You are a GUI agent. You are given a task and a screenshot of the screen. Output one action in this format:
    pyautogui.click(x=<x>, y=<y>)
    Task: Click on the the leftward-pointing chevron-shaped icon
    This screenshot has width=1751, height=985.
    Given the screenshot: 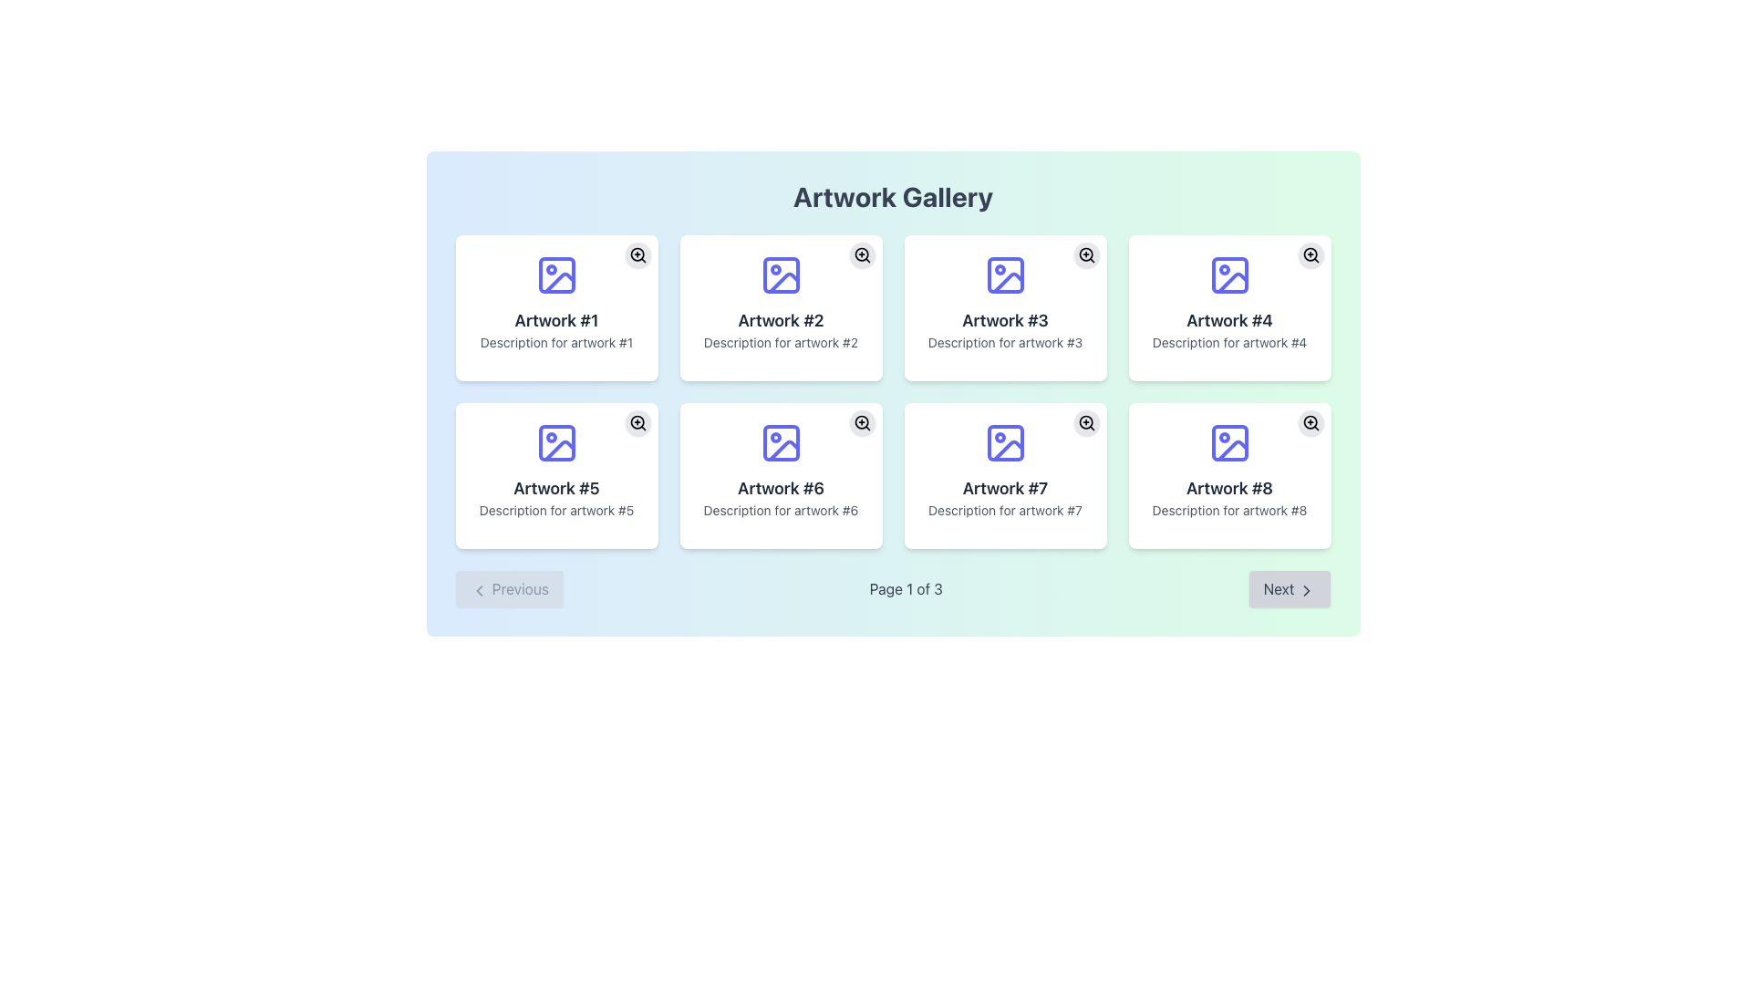 What is the action you would take?
    pyautogui.click(x=479, y=590)
    